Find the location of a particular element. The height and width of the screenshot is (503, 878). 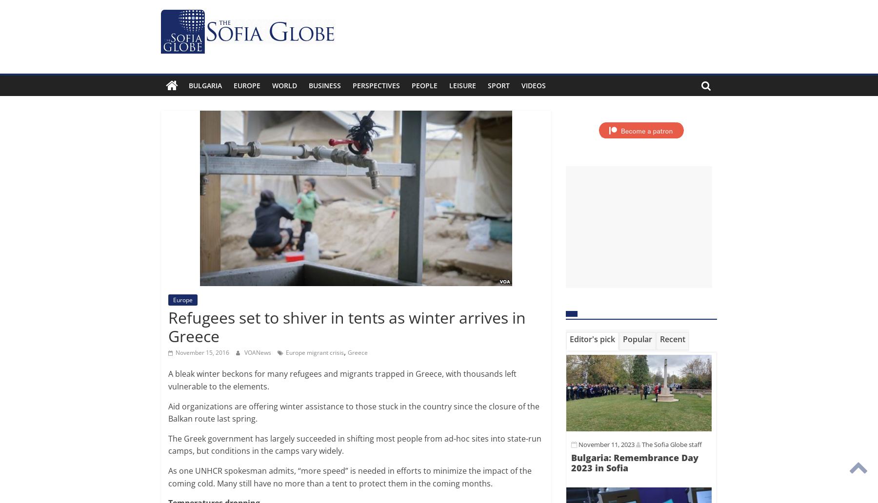

'Greece' is located at coordinates (347, 351).